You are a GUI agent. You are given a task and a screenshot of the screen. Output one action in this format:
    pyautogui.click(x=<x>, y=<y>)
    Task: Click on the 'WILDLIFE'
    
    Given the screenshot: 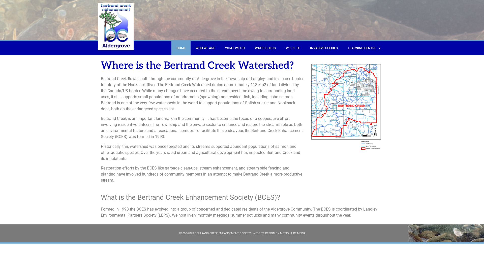 What is the action you would take?
    pyautogui.click(x=293, y=48)
    